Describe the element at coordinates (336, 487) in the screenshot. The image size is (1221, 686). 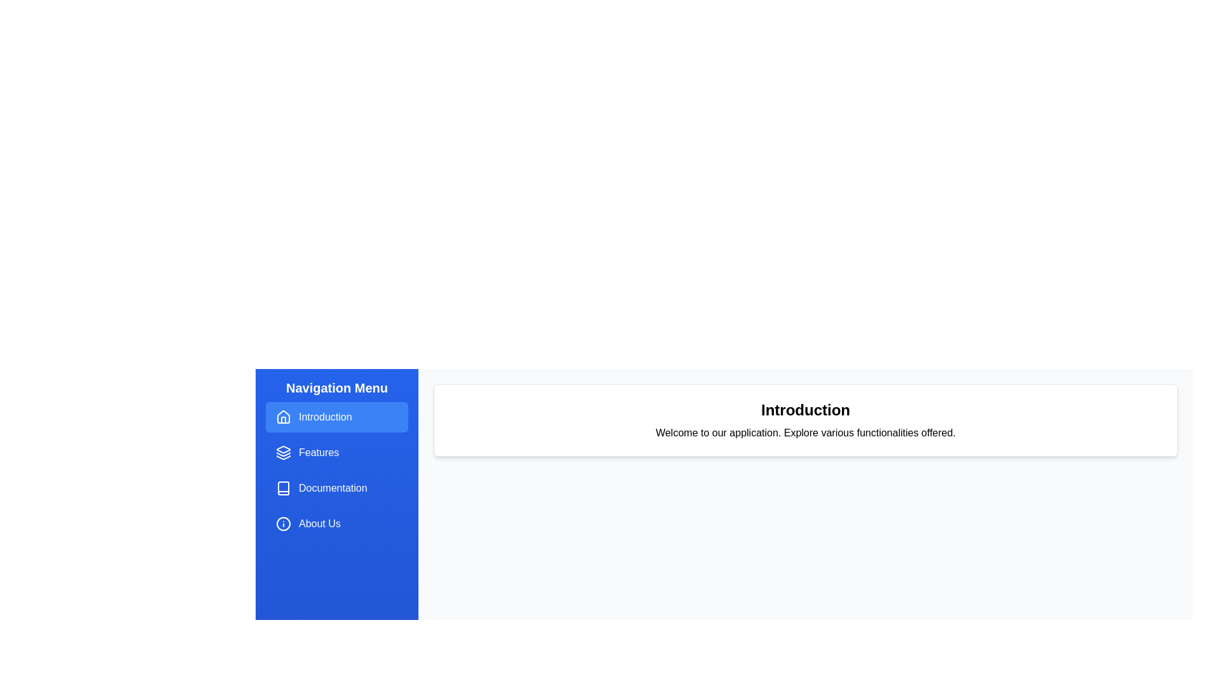
I see `the 'Documentation' button-like navigation list item located in the vertical navigation menu` at that location.